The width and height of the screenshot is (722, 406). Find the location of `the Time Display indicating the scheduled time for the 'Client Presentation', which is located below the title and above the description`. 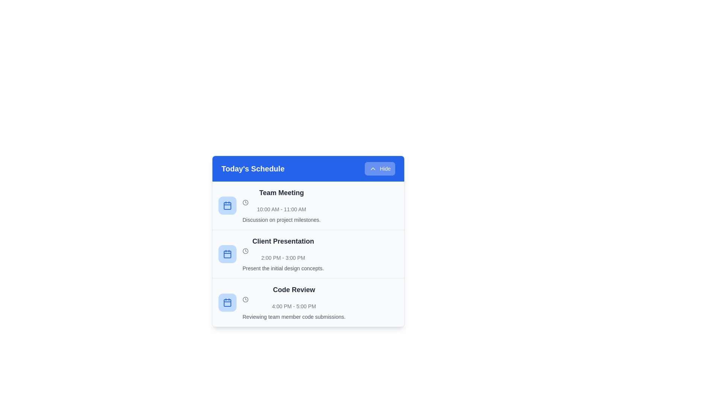

the Time Display indicating the scheduled time for the 'Client Presentation', which is located below the title and above the description is located at coordinates (283, 255).